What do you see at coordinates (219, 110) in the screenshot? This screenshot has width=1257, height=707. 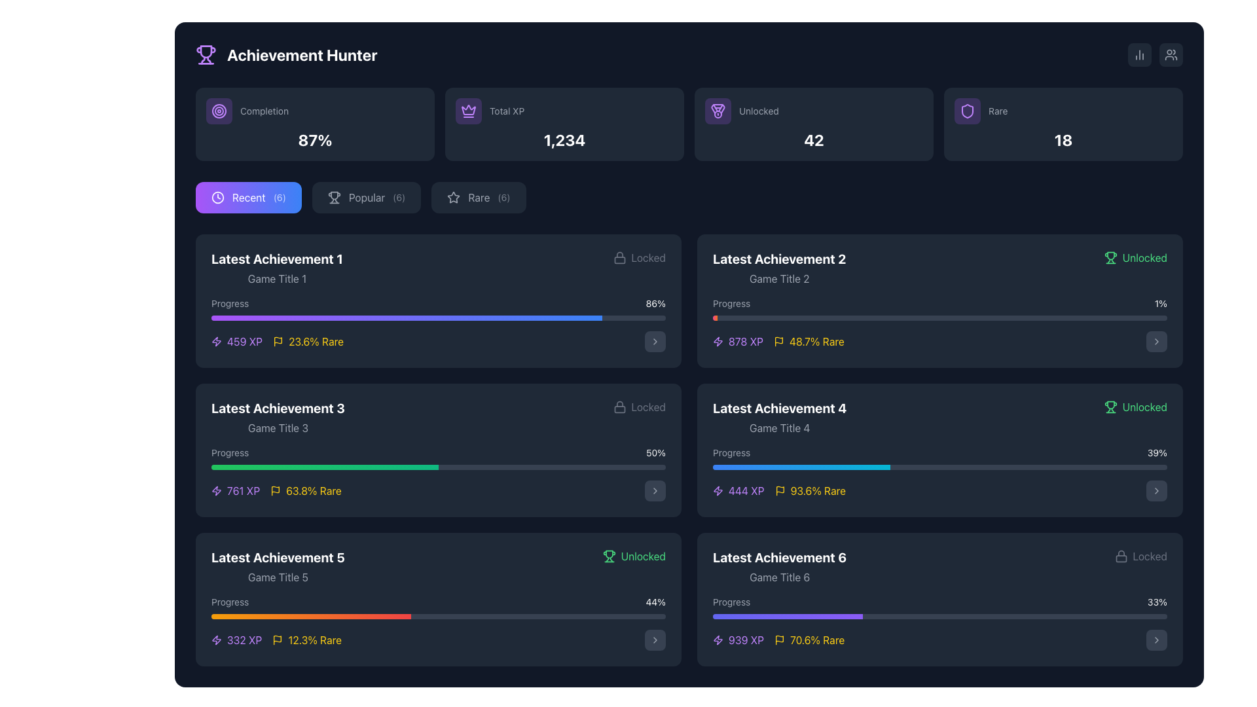 I see `the decorative icon representing the 'Completion' metric located in the top-left corner of the interface, within the 'Completion' group` at bounding box center [219, 110].